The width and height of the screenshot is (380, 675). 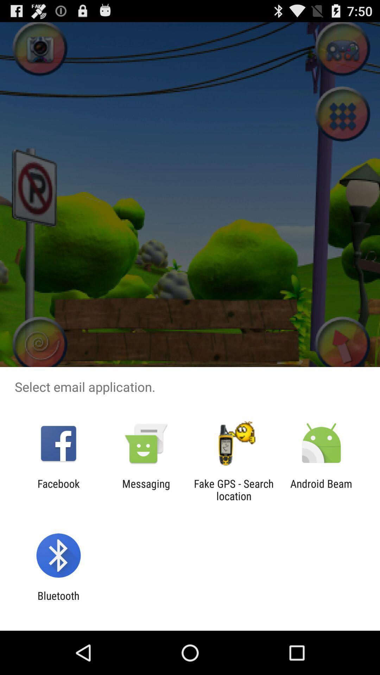 I want to click on the facebook, so click(x=58, y=489).